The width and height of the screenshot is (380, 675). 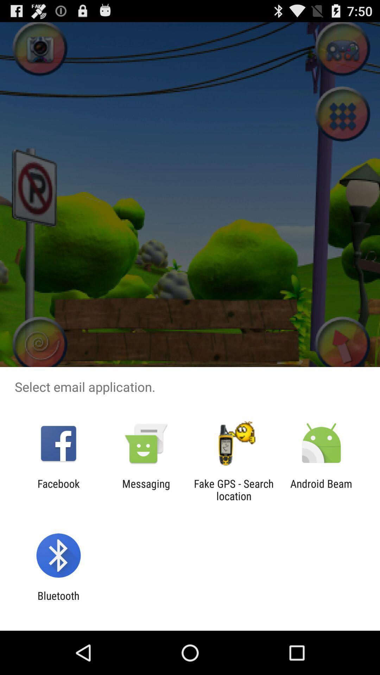 I want to click on the facebook, so click(x=58, y=489).